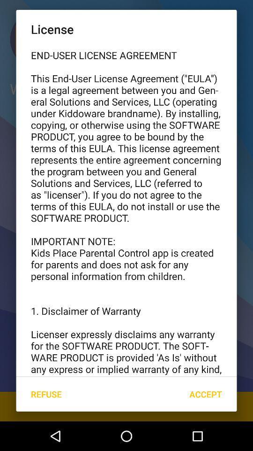 The height and width of the screenshot is (451, 253). I want to click on icon below end user license, so click(205, 394).